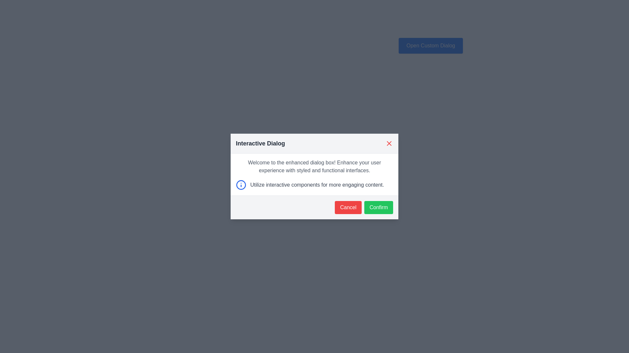 This screenshot has height=353, width=629. I want to click on the red diagonal cross icon located at the top right corner of the dialog box, so click(389, 143).